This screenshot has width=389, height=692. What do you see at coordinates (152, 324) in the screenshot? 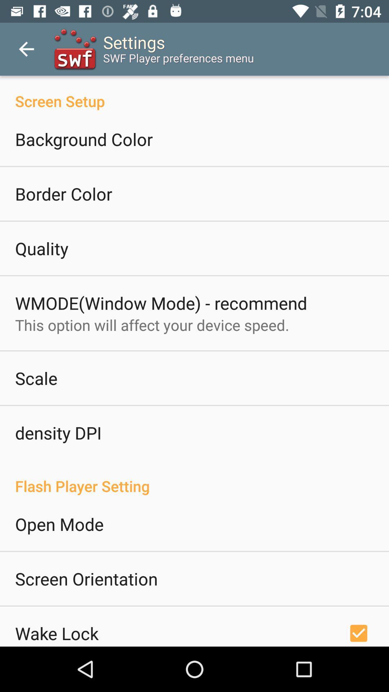
I see `the icon above scale` at bounding box center [152, 324].